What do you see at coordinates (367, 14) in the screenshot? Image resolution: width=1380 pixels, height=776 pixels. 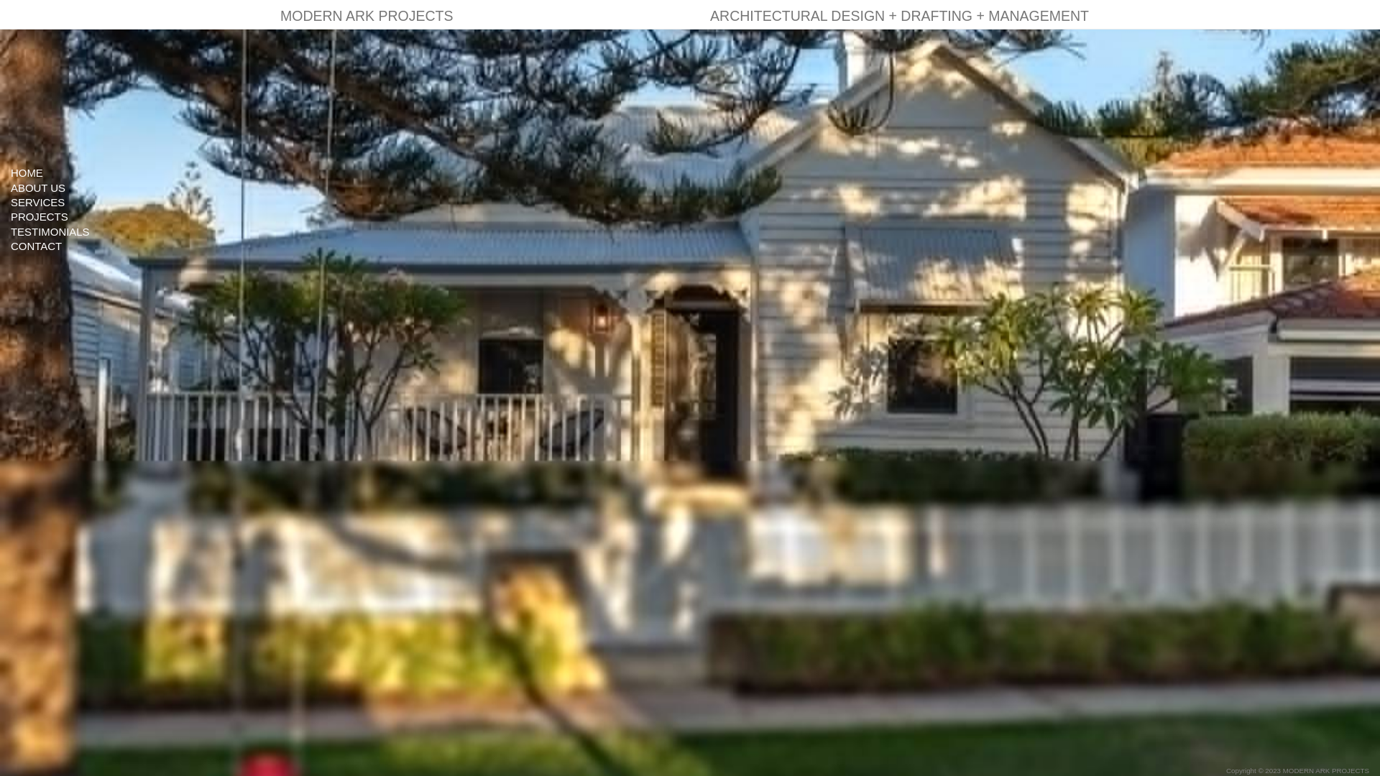 I see `'MODERN ARK PROJECTS'` at bounding box center [367, 14].